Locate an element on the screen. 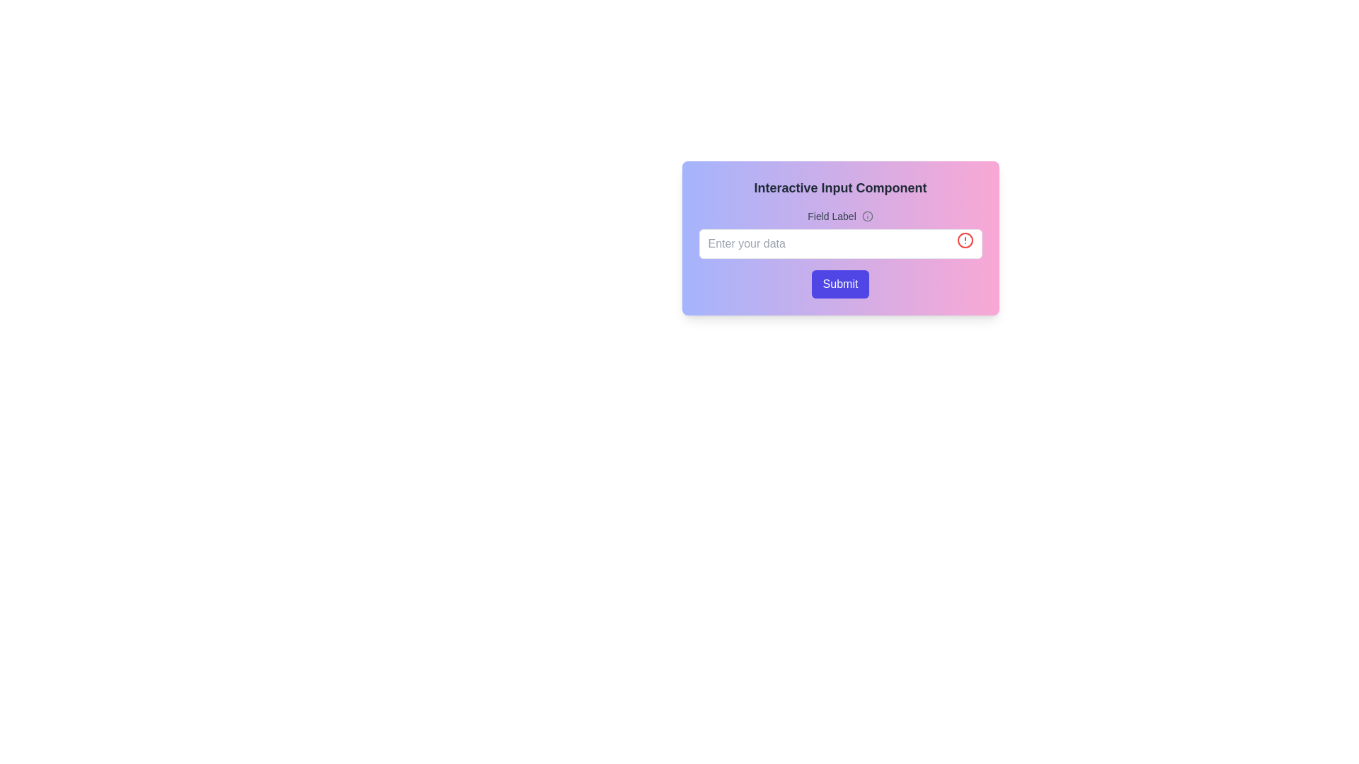 The height and width of the screenshot is (764, 1359). the circular information icon with a gray outline located to the right of the label text 'Field Label' in the component's header section is located at coordinates (866, 216).